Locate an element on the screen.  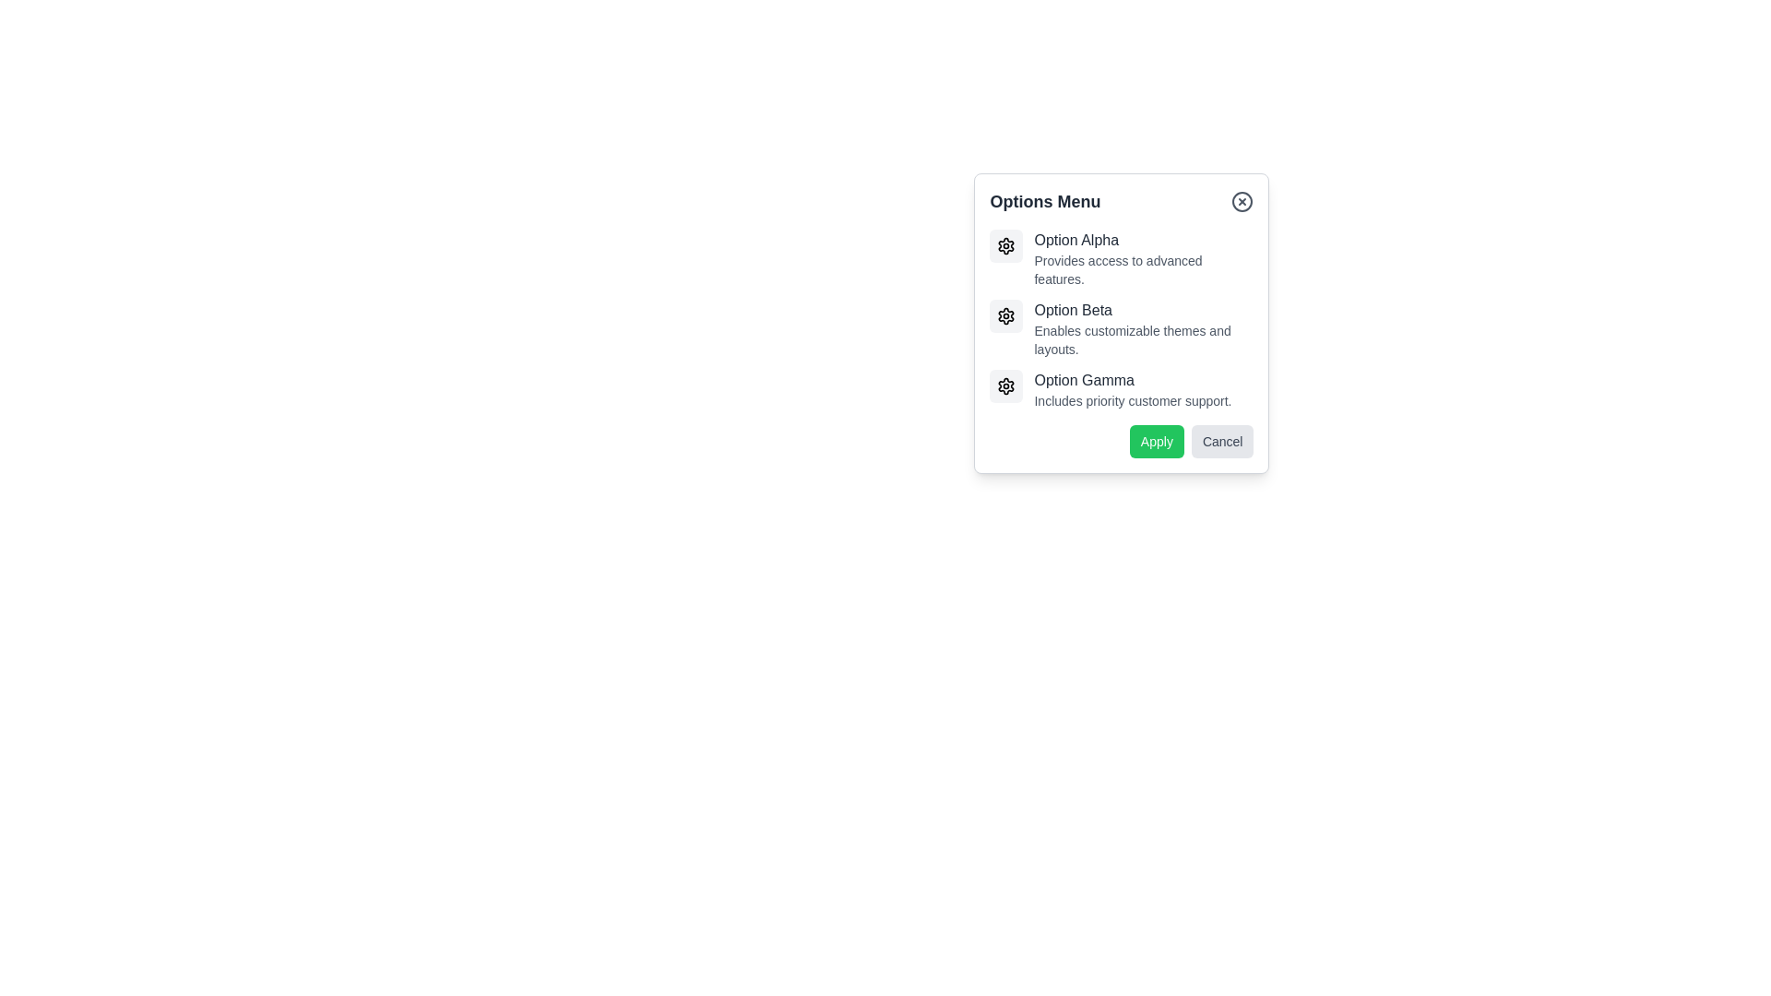
the 'Option Beta' menu item located in the Options Menu is located at coordinates (1182, 305).